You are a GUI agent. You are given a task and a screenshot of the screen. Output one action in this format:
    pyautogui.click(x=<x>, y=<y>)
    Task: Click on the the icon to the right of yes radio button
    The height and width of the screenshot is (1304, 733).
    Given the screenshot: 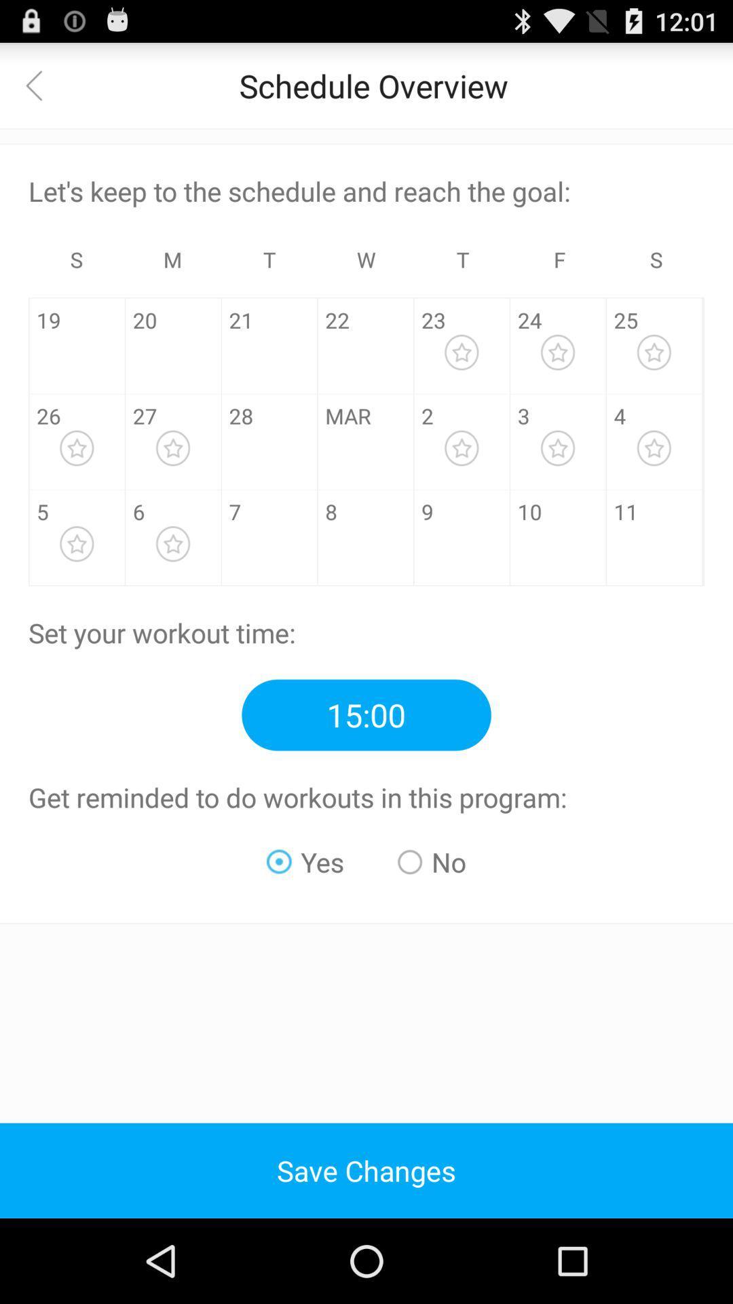 What is the action you would take?
    pyautogui.click(x=432, y=861)
    